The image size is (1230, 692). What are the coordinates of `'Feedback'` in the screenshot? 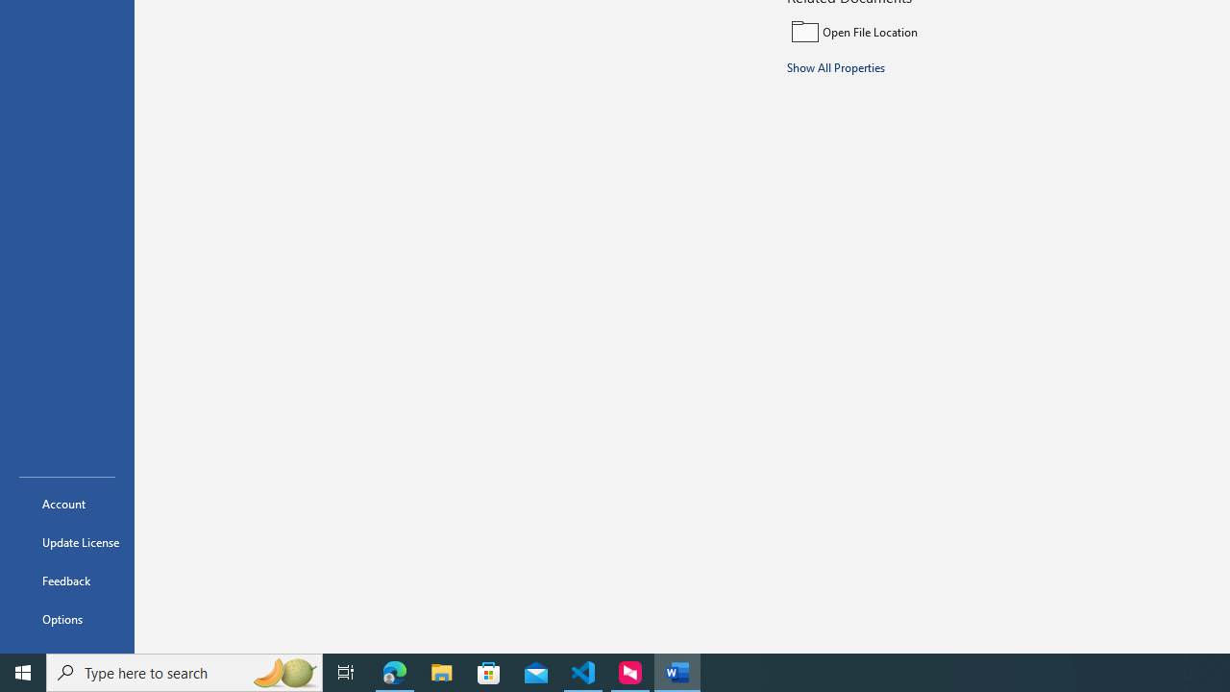 It's located at (66, 580).